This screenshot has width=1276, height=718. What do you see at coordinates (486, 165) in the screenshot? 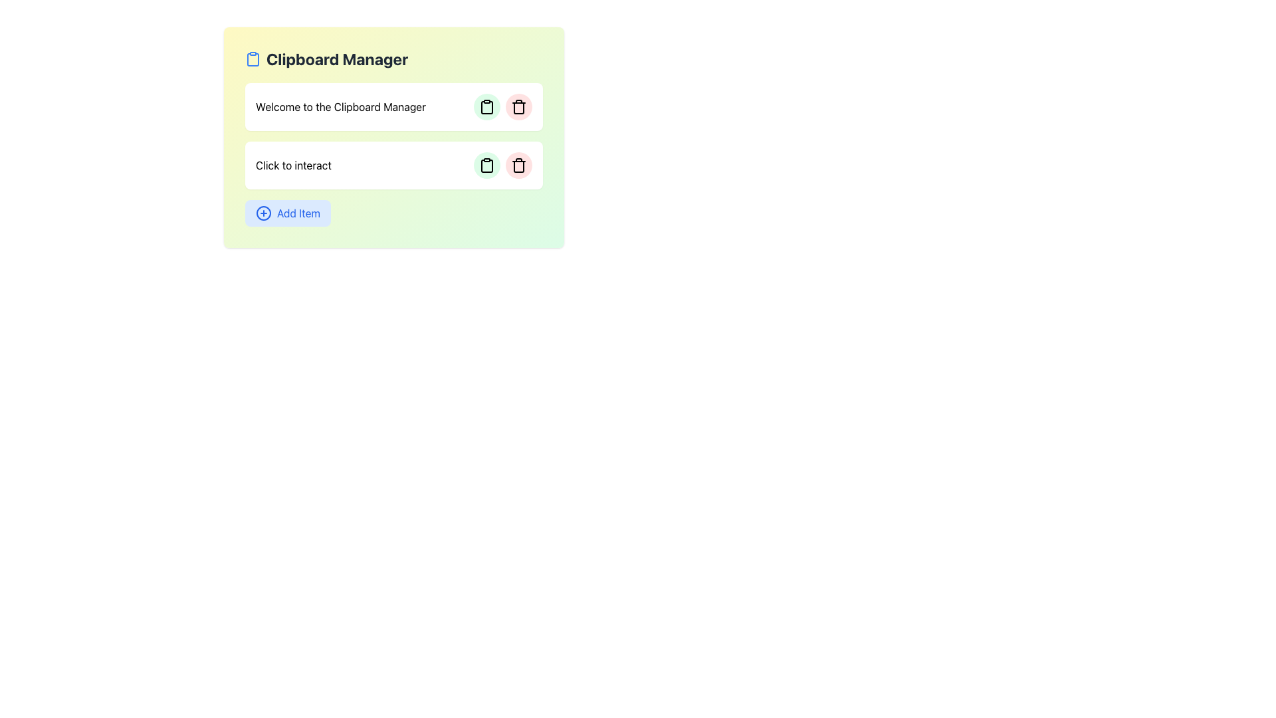
I see `the button with a circular light green background in the second row of items in the list` at bounding box center [486, 165].